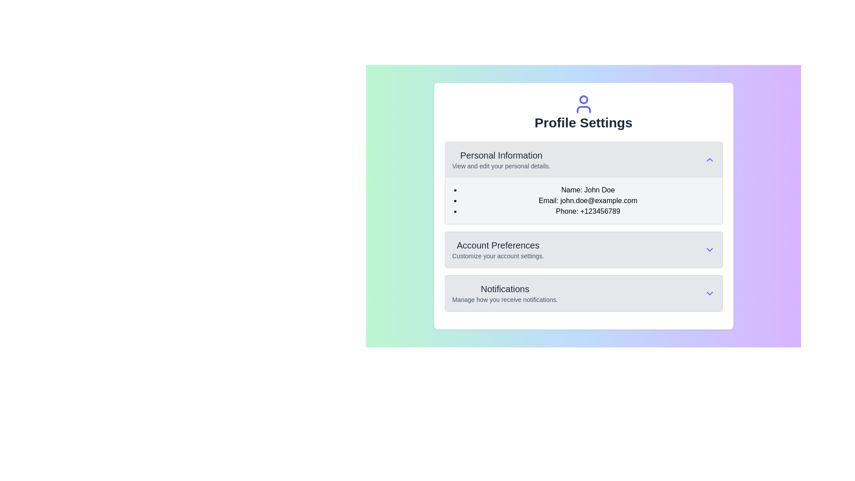 This screenshot has height=481, width=855. What do you see at coordinates (583, 99) in the screenshot?
I see `the uppermost circular component of the user-profile styled icon representing a user's profile, located above the 'Profile Settings' text` at bounding box center [583, 99].